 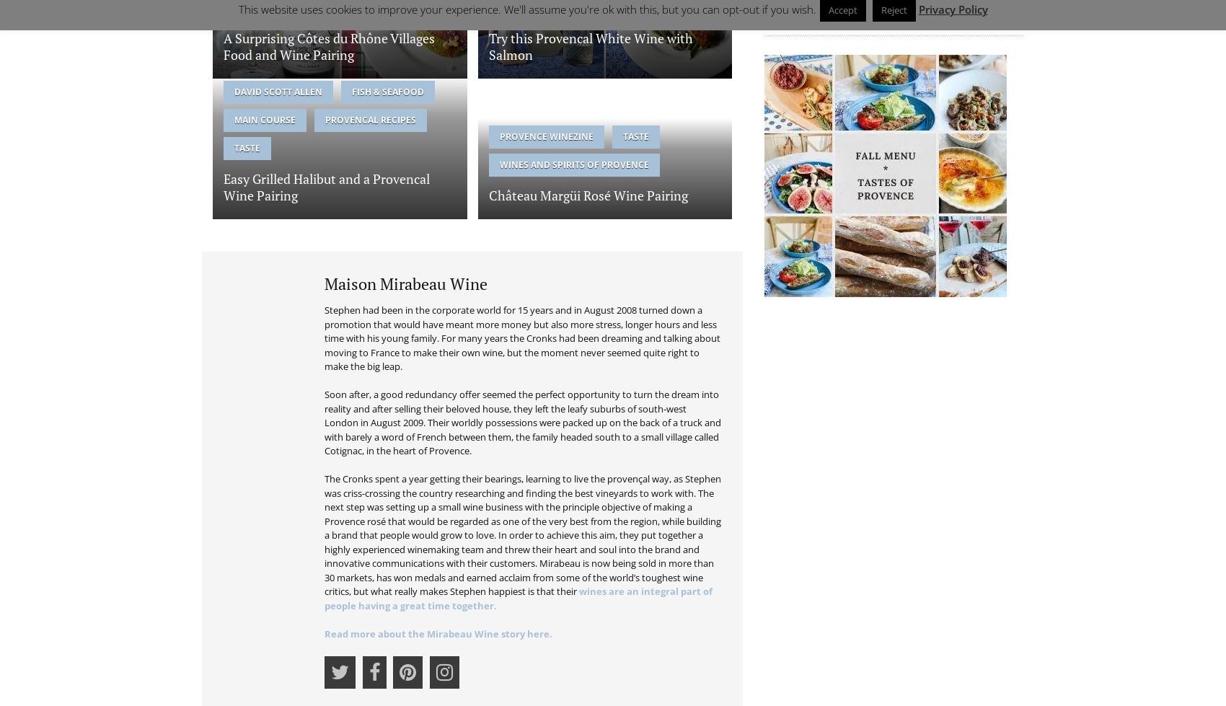 What do you see at coordinates (405, 283) in the screenshot?
I see `'Maison Mirabeau Wine'` at bounding box center [405, 283].